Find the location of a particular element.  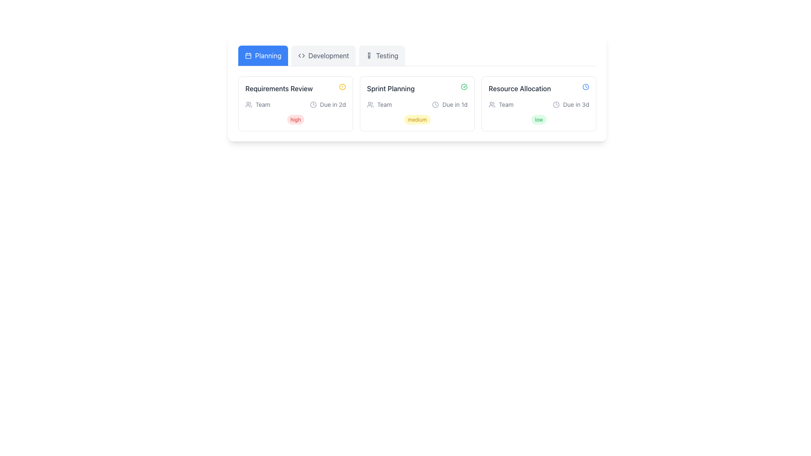

the small rounded rectangle label with a light red background and red text that reads 'high' located in the 'Requirements Review' section of the 'Planning' tab is located at coordinates (296, 119).